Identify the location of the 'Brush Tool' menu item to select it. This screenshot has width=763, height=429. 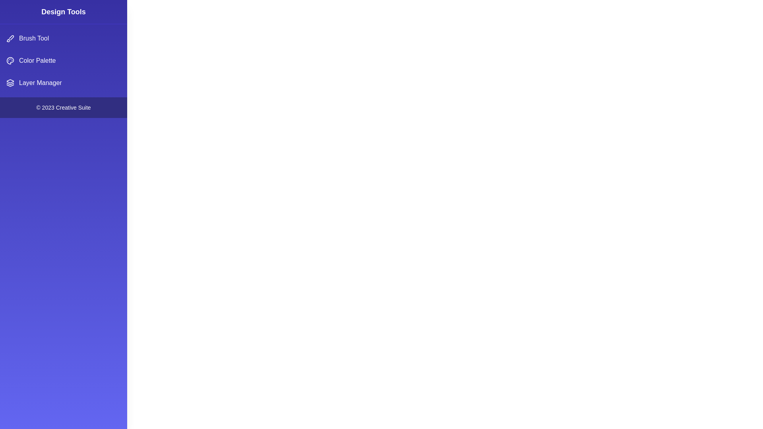
(63, 38).